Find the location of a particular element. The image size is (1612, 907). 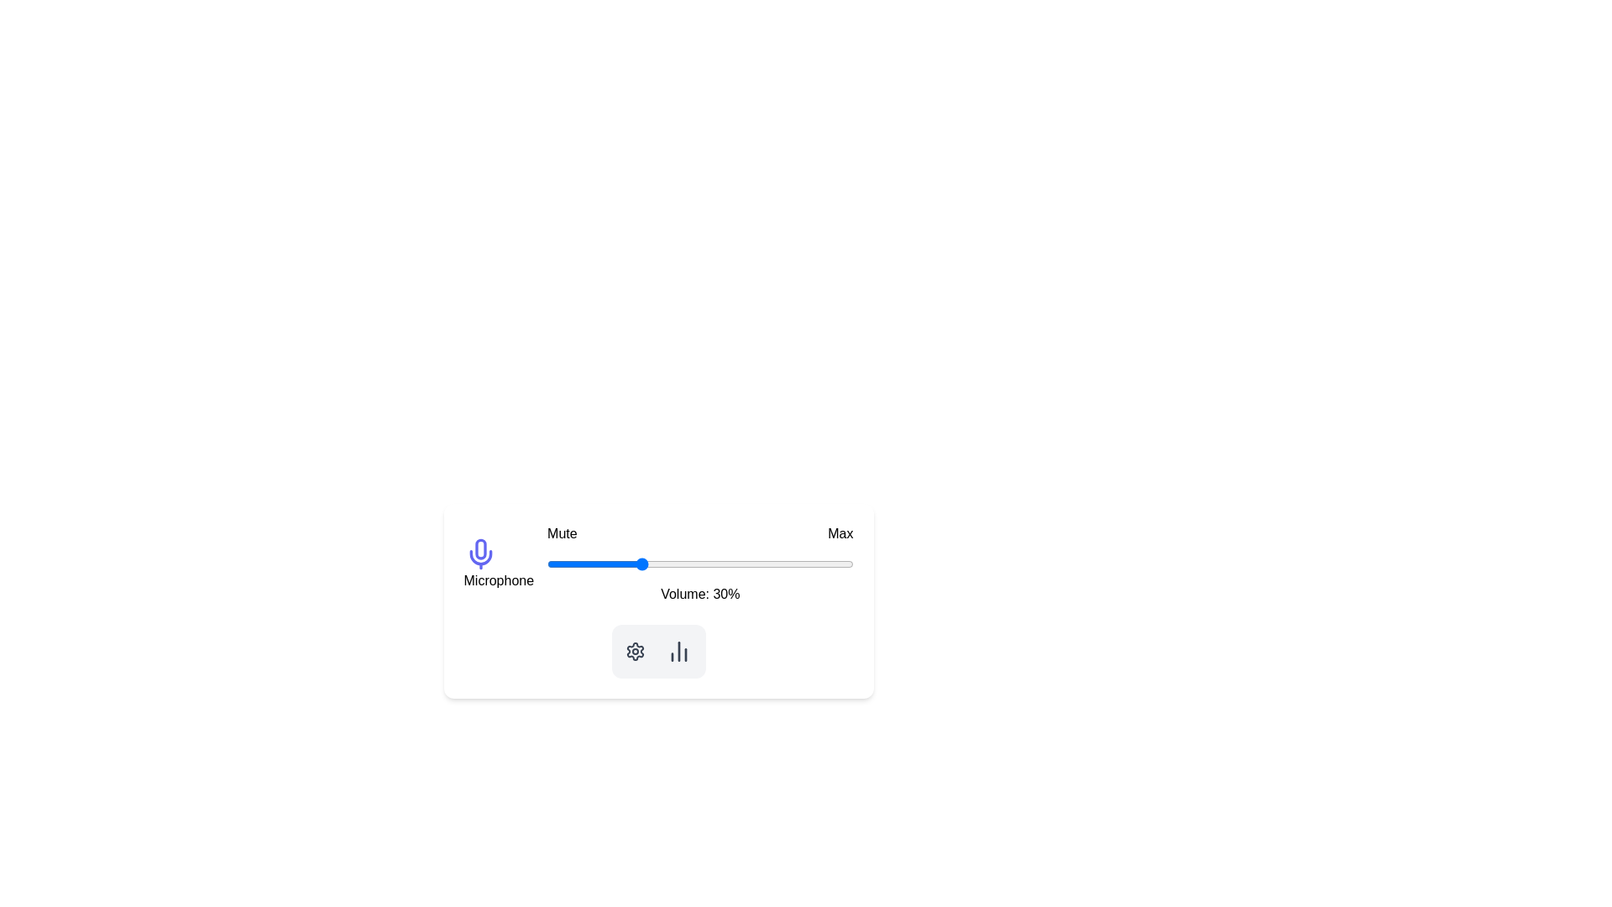

the volume slider to set the volume to 85% is located at coordinates (807, 564).